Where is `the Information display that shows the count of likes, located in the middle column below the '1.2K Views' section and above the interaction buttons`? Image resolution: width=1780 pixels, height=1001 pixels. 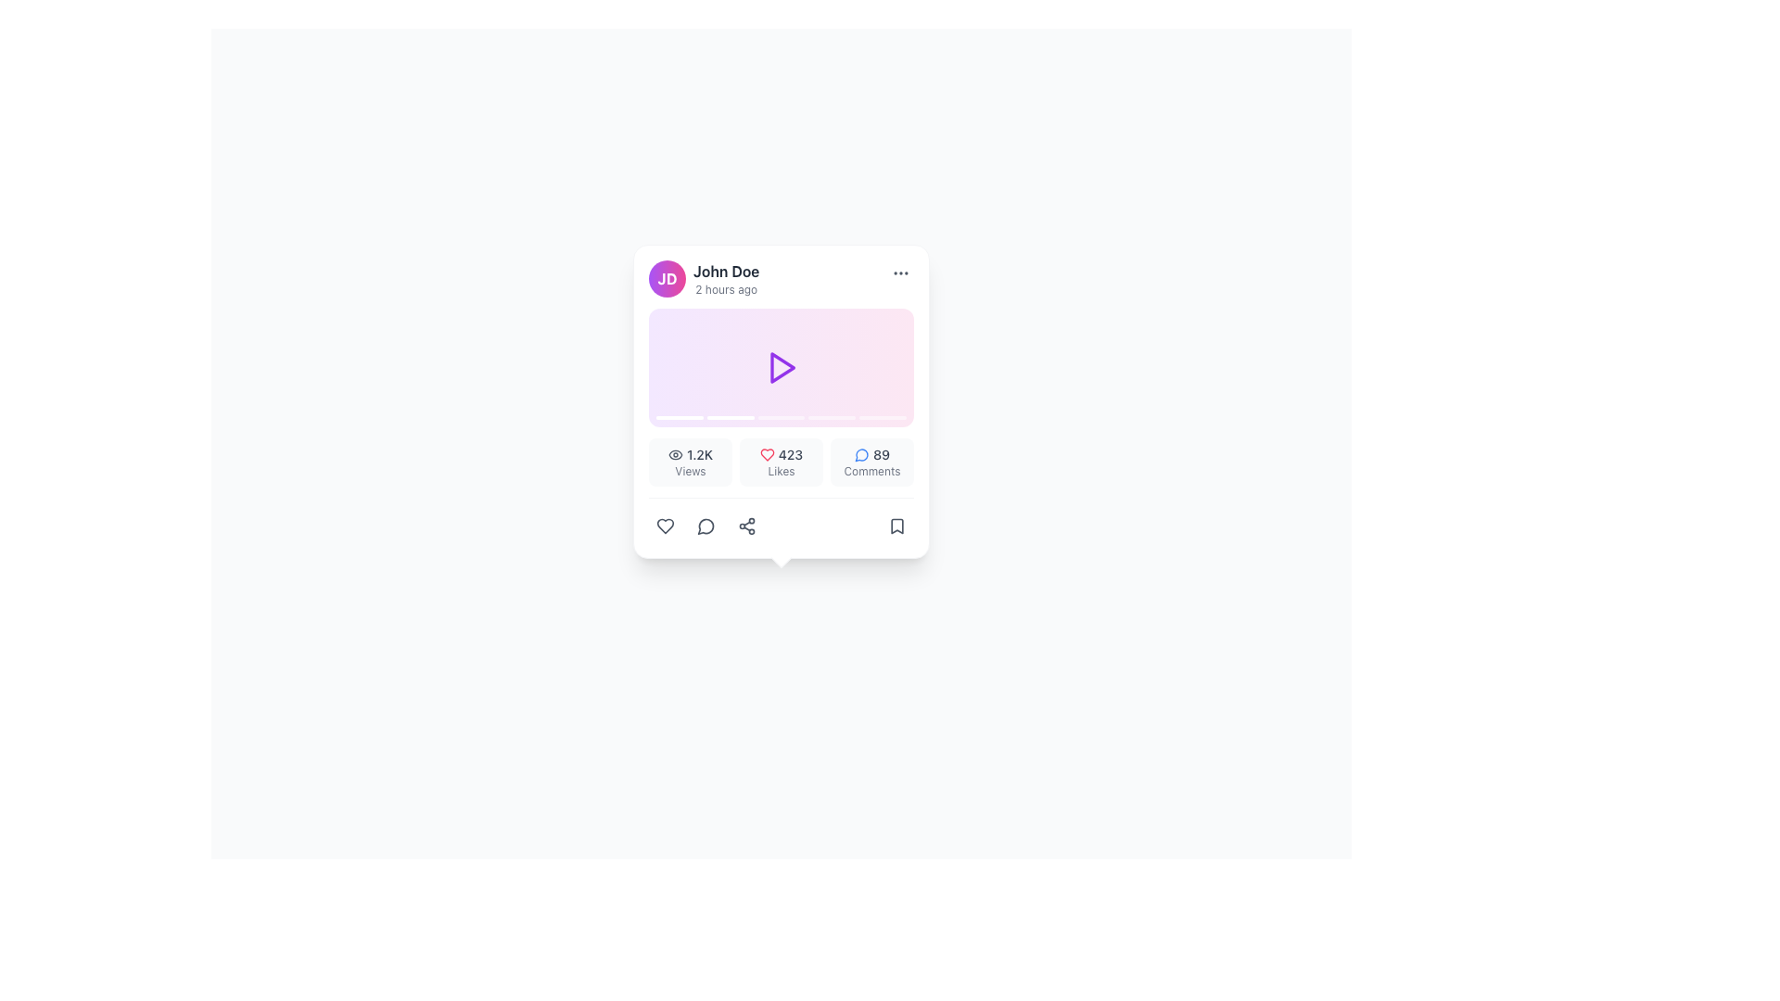
the Information display that shows the count of likes, located in the middle column below the '1.2K Views' section and above the interaction buttons is located at coordinates (782, 461).